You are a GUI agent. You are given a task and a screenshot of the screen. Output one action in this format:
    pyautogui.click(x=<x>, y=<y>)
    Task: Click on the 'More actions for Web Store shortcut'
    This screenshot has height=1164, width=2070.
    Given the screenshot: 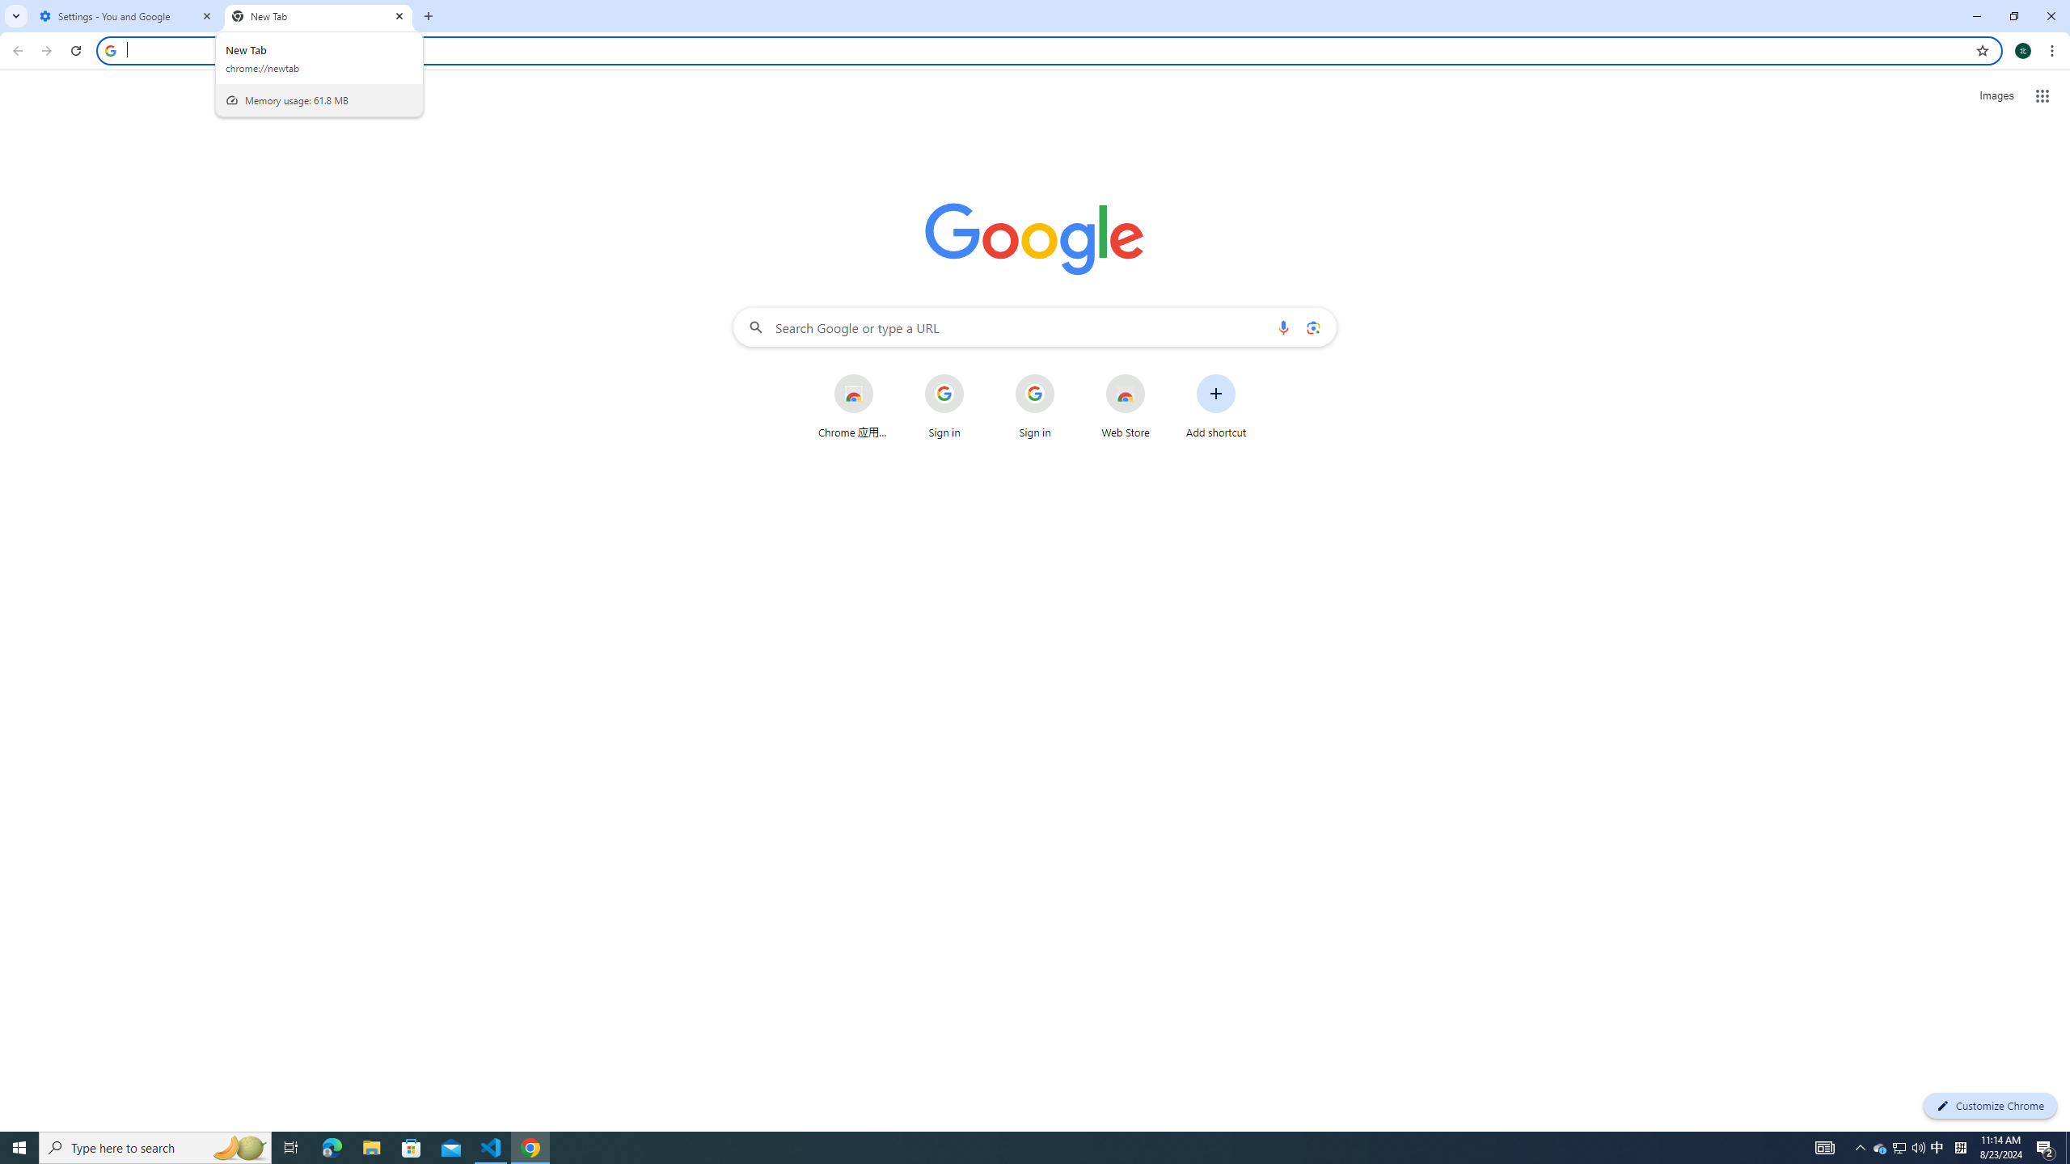 What is the action you would take?
    pyautogui.click(x=1157, y=375)
    